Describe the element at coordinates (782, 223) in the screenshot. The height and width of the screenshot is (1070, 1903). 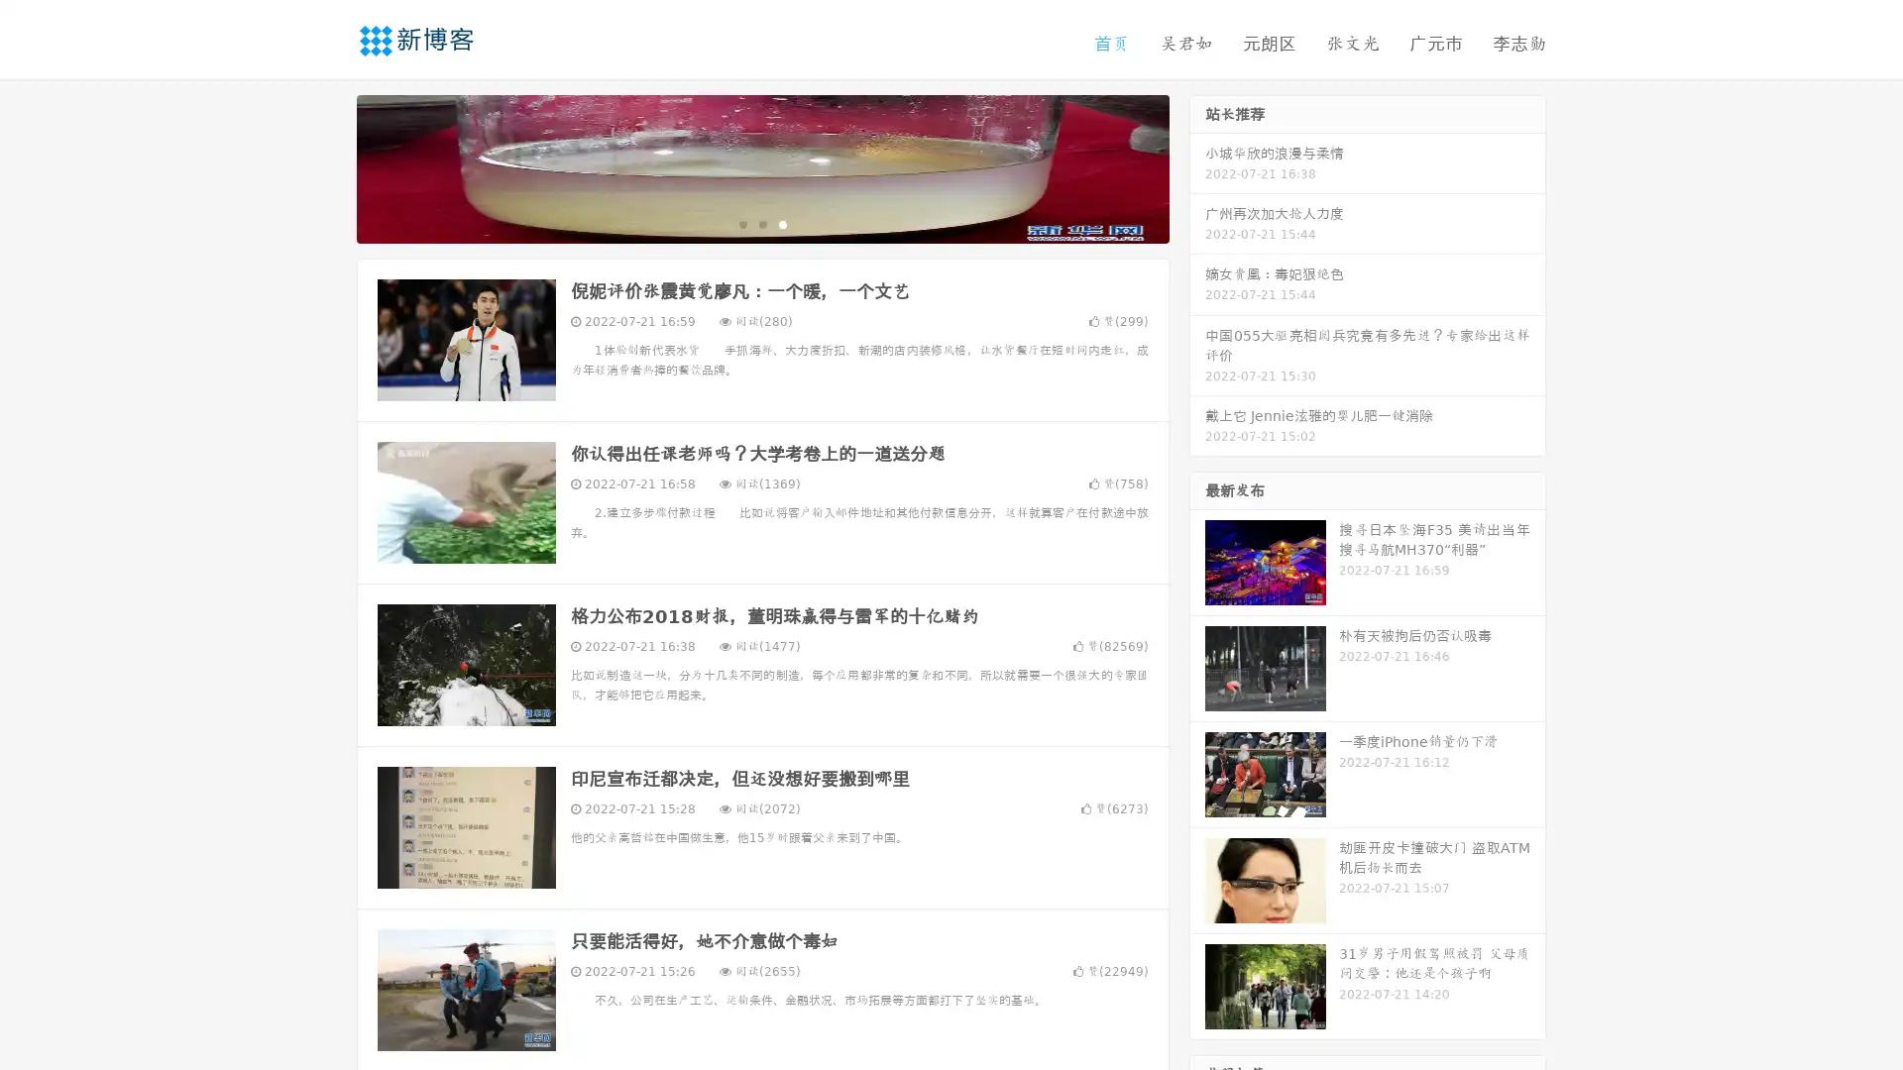
I see `Go to slide 3` at that location.